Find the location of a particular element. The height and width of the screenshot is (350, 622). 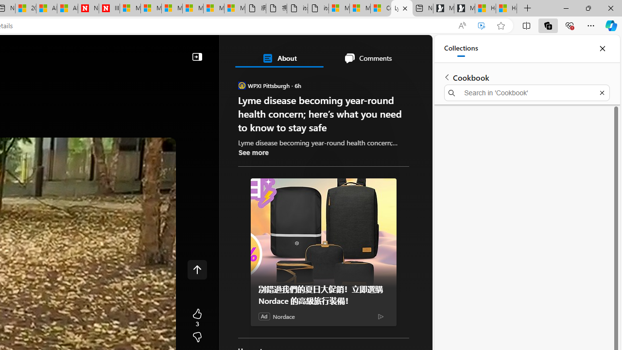

'Ad' is located at coordinates (264, 316).